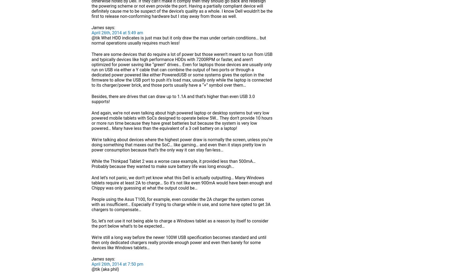 Image resolution: width=457 pixels, height=277 pixels. What do you see at coordinates (105, 269) in the screenshot?
I see `'@tik (aka phil)'` at bounding box center [105, 269].